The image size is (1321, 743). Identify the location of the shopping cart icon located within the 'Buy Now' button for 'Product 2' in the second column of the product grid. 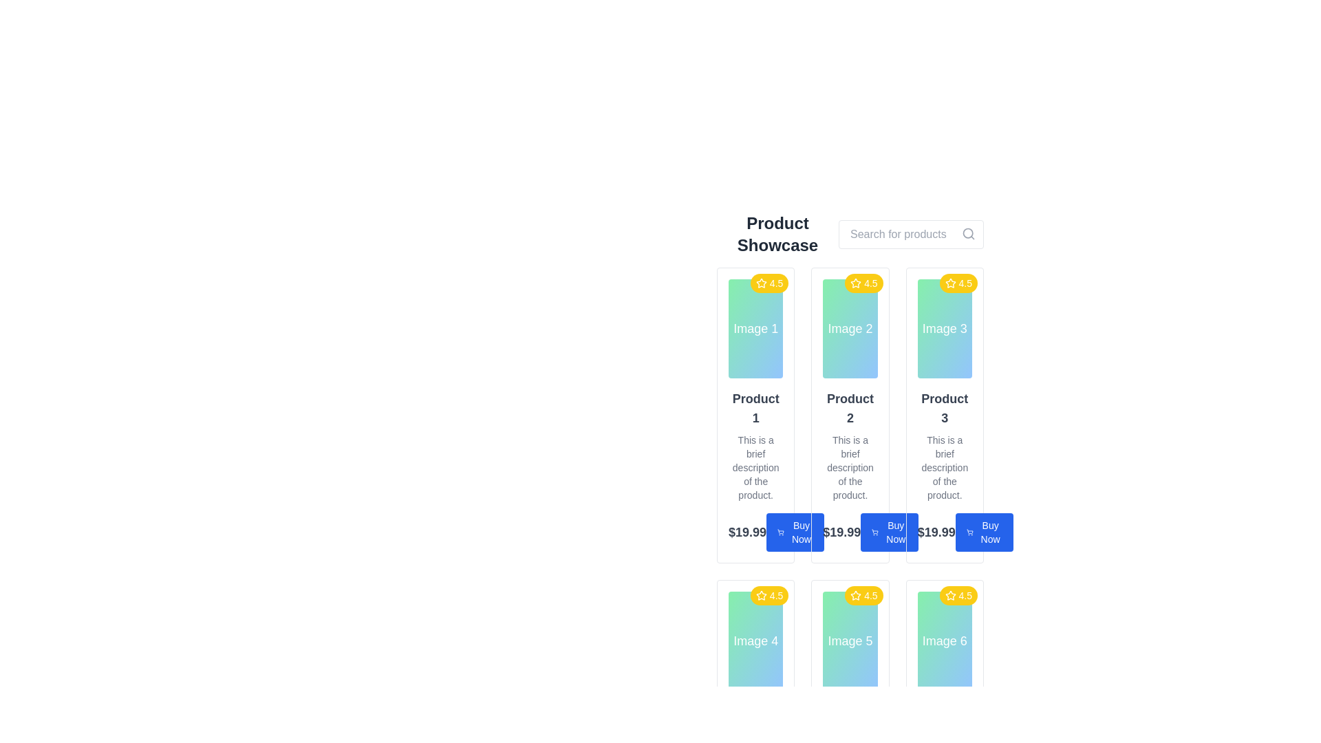
(874, 532).